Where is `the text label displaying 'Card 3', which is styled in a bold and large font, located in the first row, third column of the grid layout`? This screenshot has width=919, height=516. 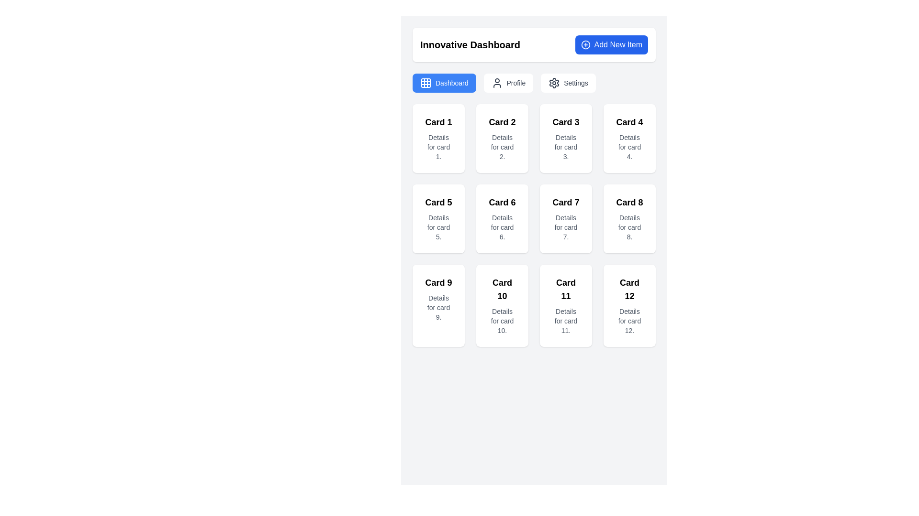
the text label displaying 'Card 3', which is styled in a bold and large font, located in the first row, third column of the grid layout is located at coordinates (566, 121).